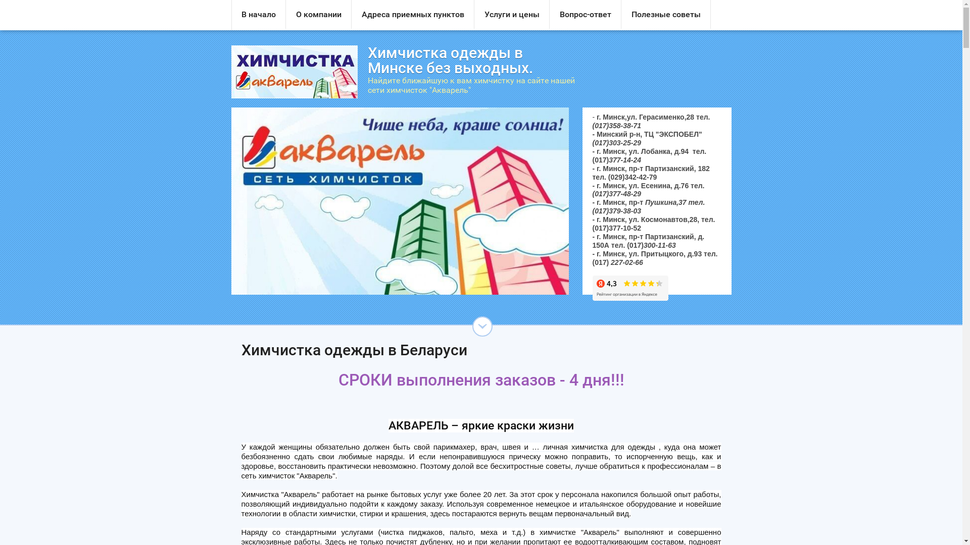 The width and height of the screenshot is (970, 545). What do you see at coordinates (616, 228) in the screenshot?
I see `'(017)377-10-52'` at bounding box center [616, 228].